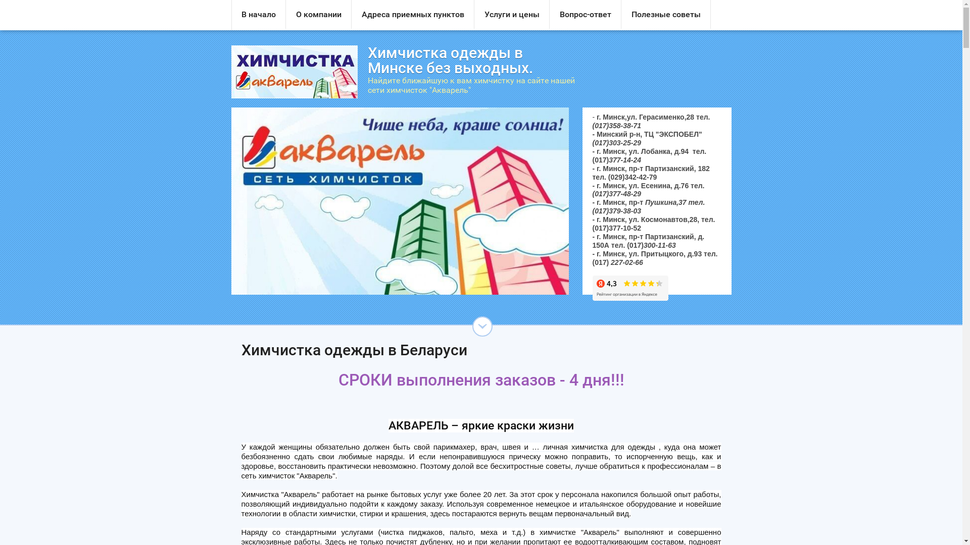 The width and height of the screenshot is (970, 545). What do you see at coordinates (616, 228) in the screenshot?
I see `'(017)377-10-52'` at bounding box center [616, 228].